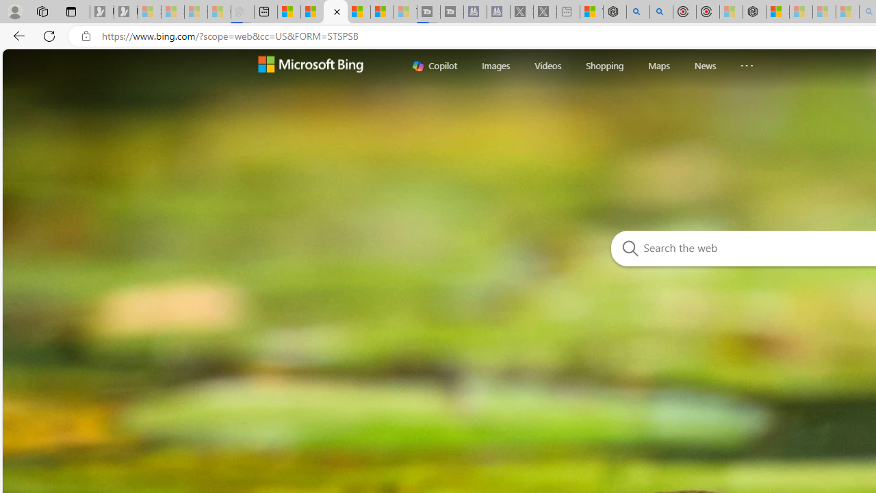  I want to click on 'Copilot', so click(434, 65).